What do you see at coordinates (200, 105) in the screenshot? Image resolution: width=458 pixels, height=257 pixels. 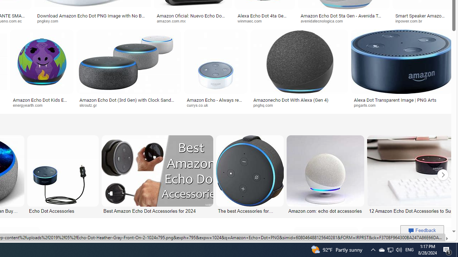 I see `'currys.co.uk'` at bounding box center [200, 105].